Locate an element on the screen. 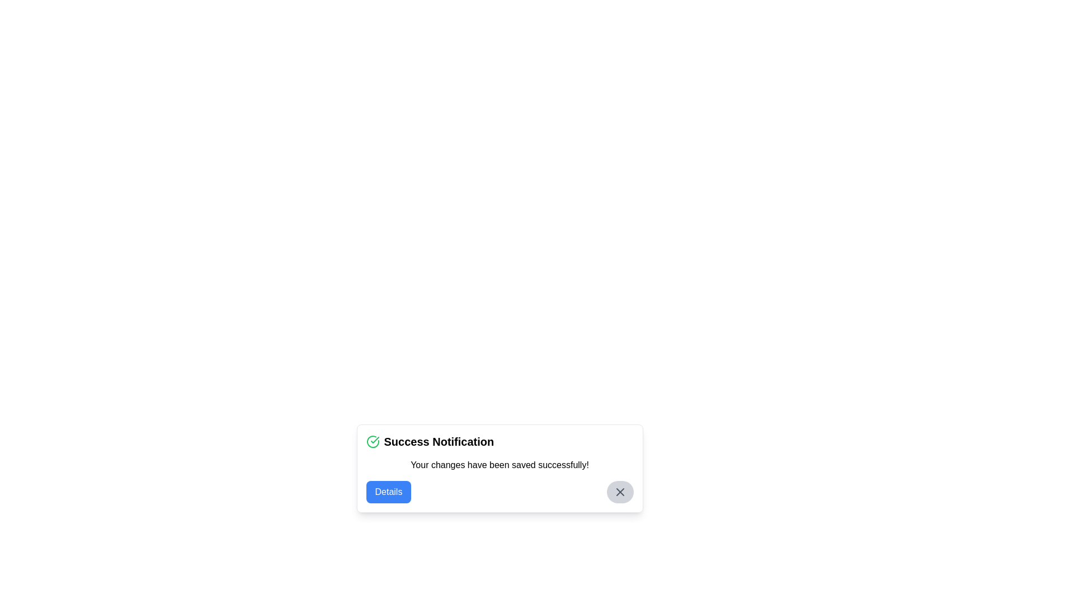  the 'Success Notification' text label, which is a bold heading in a notification box, located to the right of a green checkmark icon is located at coordinates (438, 441).